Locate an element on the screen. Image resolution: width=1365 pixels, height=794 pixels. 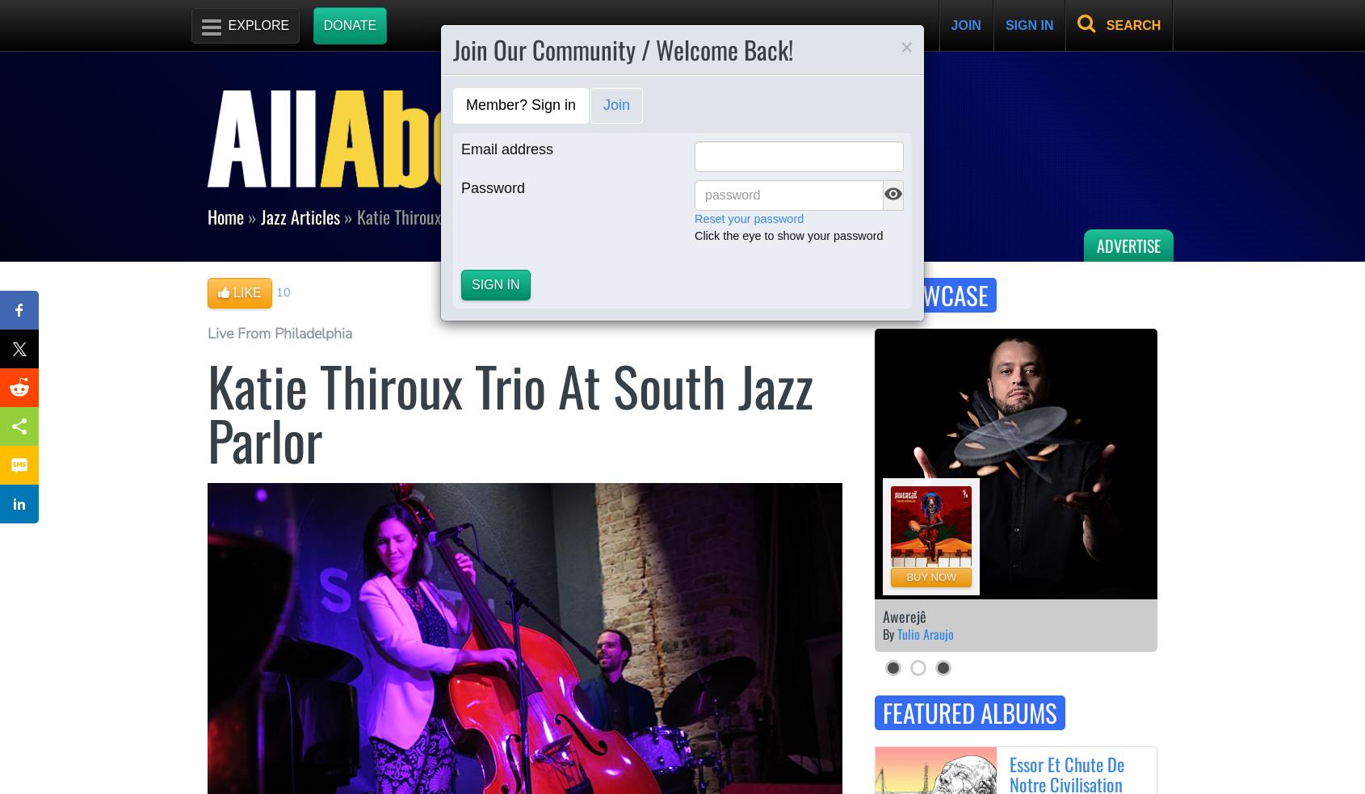
'visibility' is located at coordinates (892, 194).